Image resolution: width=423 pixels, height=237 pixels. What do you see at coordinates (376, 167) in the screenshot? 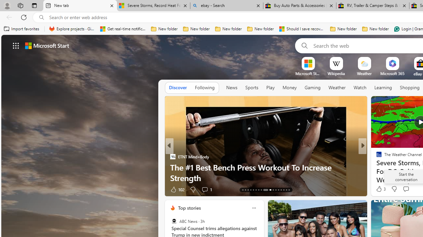
I see `'MUO'` at bounding box center [376, 167].